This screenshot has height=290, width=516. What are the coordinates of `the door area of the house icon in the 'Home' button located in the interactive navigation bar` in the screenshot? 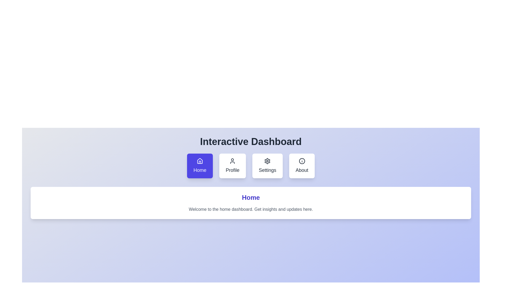 It's located at (200, 162).